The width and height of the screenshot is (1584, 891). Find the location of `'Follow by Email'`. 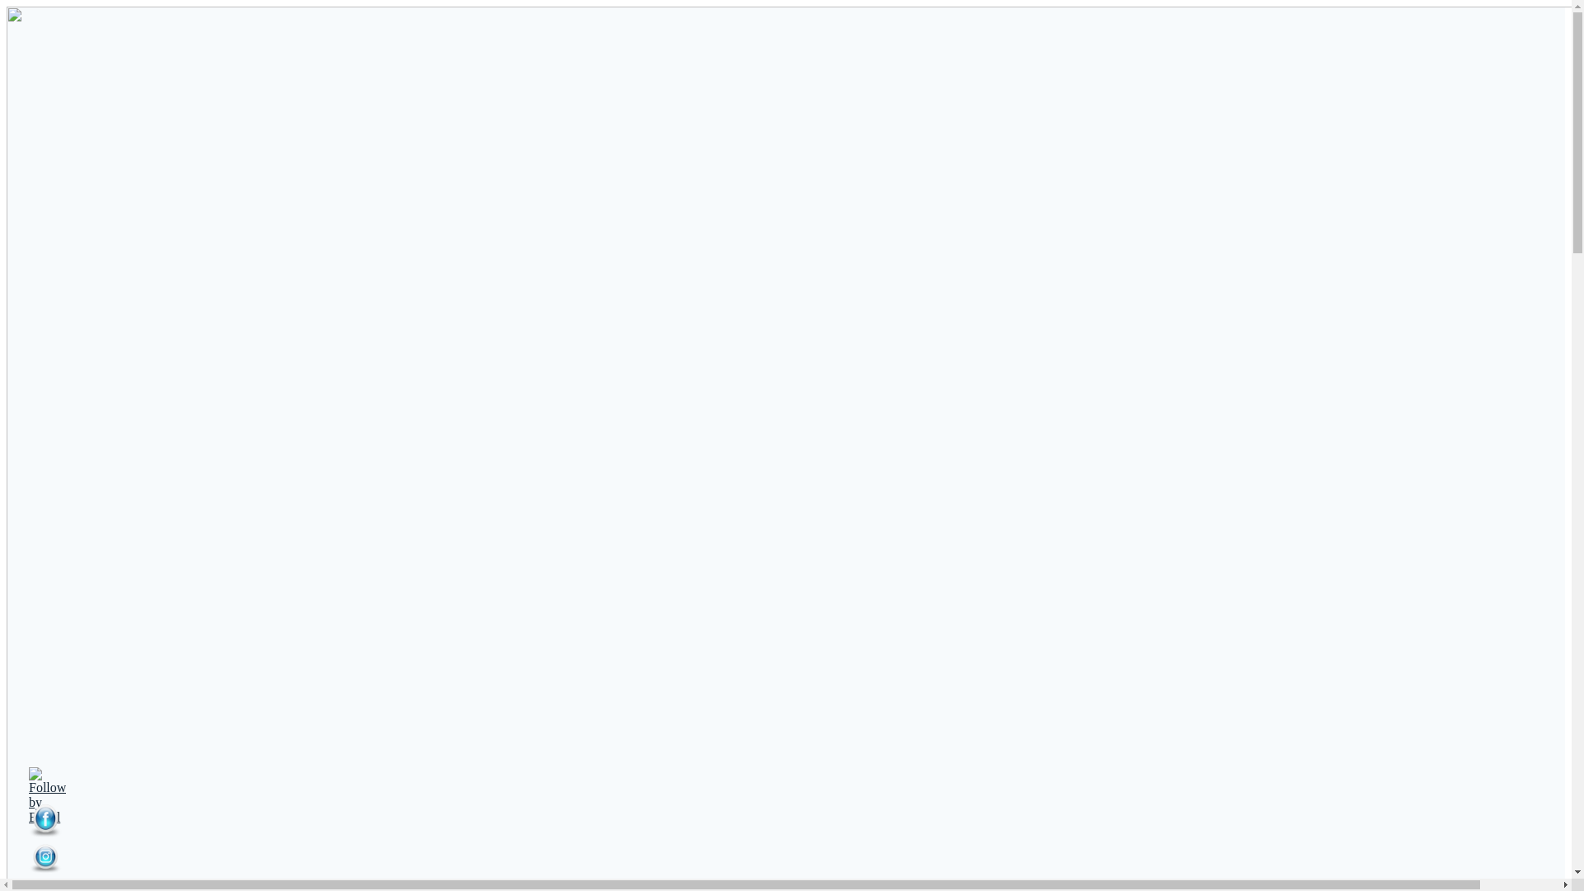

'Follow by Email' is located at coordinates (47, 794).